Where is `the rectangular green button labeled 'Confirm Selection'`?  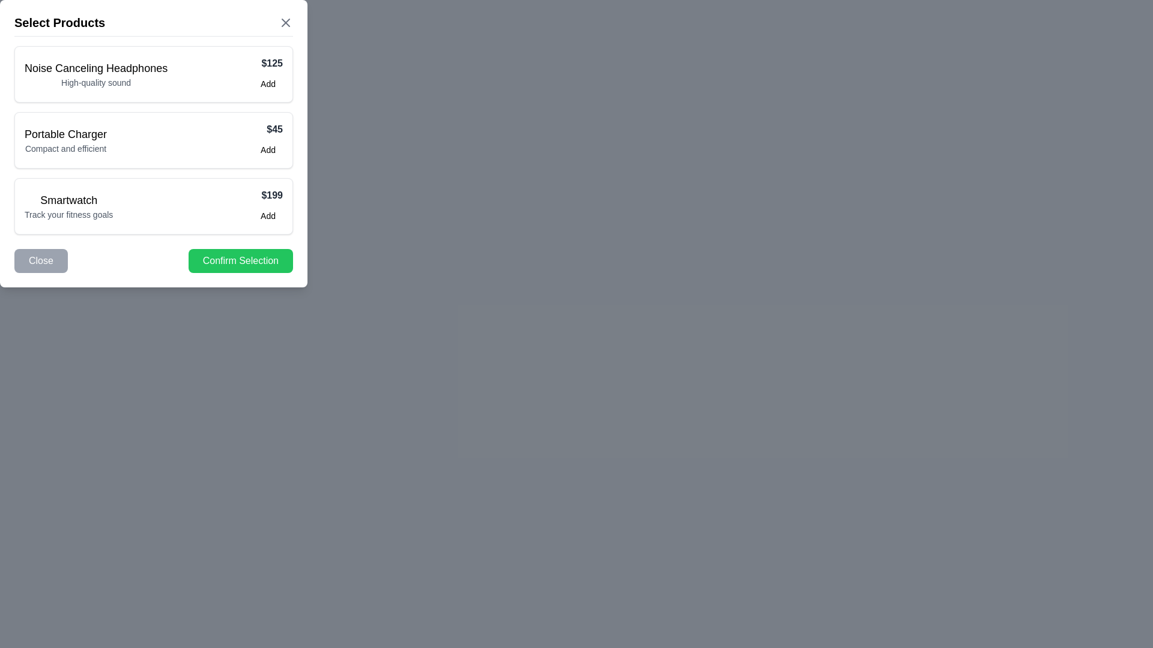
the rectangular green button labeled 'Confirm Selection' is located at coordinates (240, 260).